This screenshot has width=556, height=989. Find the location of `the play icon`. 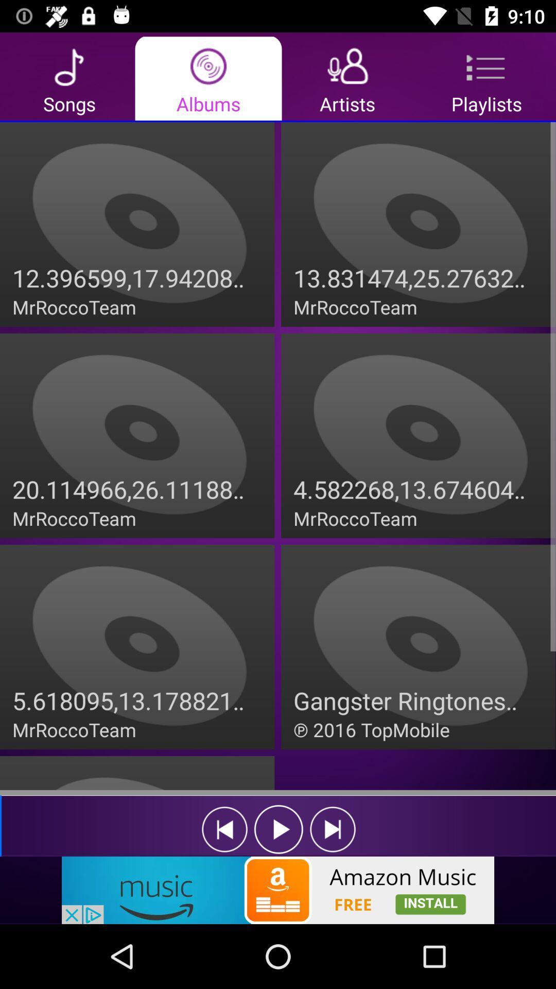

the play icon is located at coordinates (279, 829).